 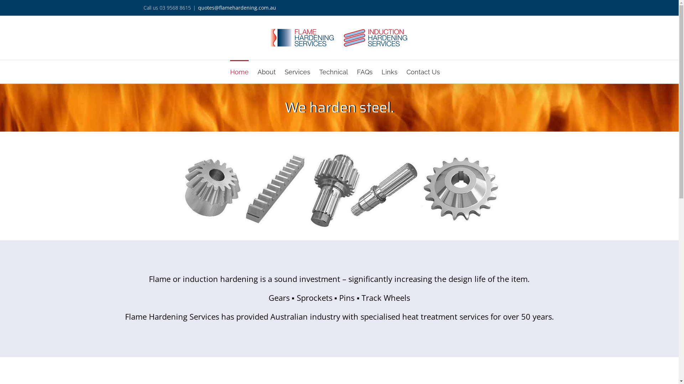 What do you see at coordinates (297, 71) in the screenshot?
I see `'Services'` at bounding box center [297, 71].